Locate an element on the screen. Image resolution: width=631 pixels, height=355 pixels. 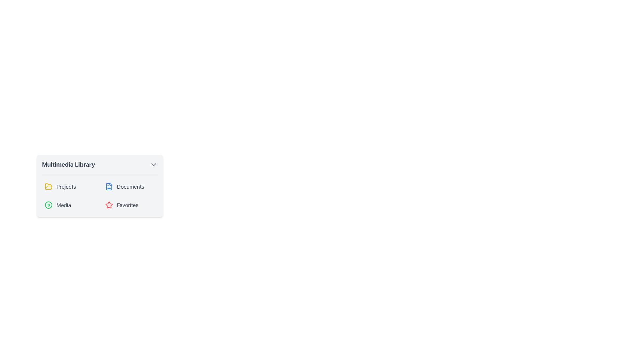
the Static Text Label containing the word 'Documents', which is the second item in the list under the 'Multimedia Library' header, positioned to the right of a blue document icon is located at coordinates (130, 186).